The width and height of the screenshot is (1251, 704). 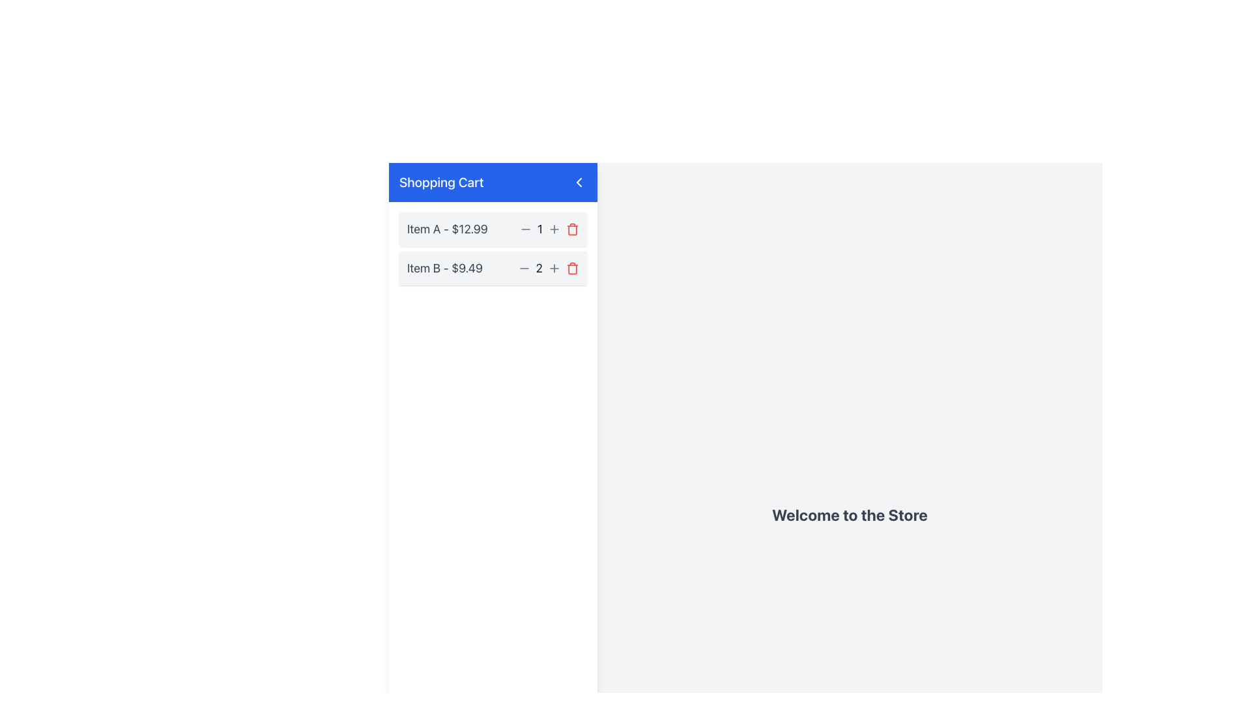 I want to click on the red trash can icon button, so click(x=572, y=268).